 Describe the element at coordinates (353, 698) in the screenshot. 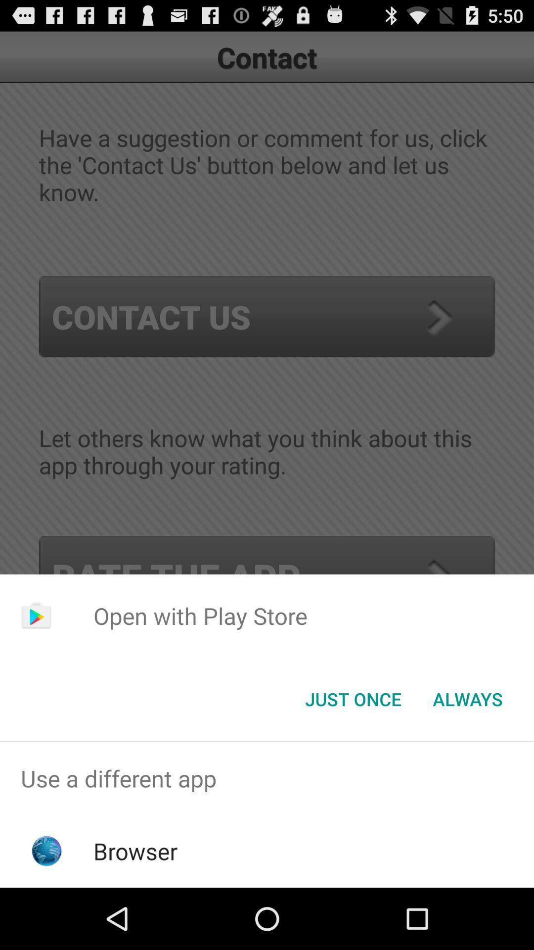

I see `the icon below open with play app` at that location.